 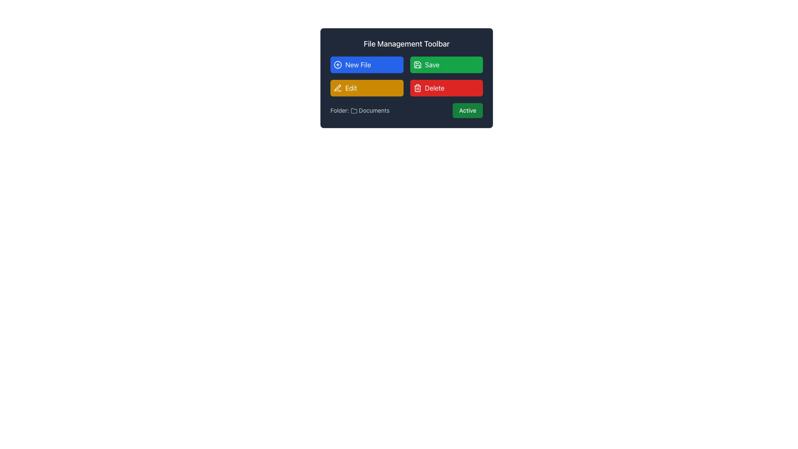 I want to click on the 'Delete' text label located under the trash icon in the top-right portion of the toolbar, so click(x=434, y=88).